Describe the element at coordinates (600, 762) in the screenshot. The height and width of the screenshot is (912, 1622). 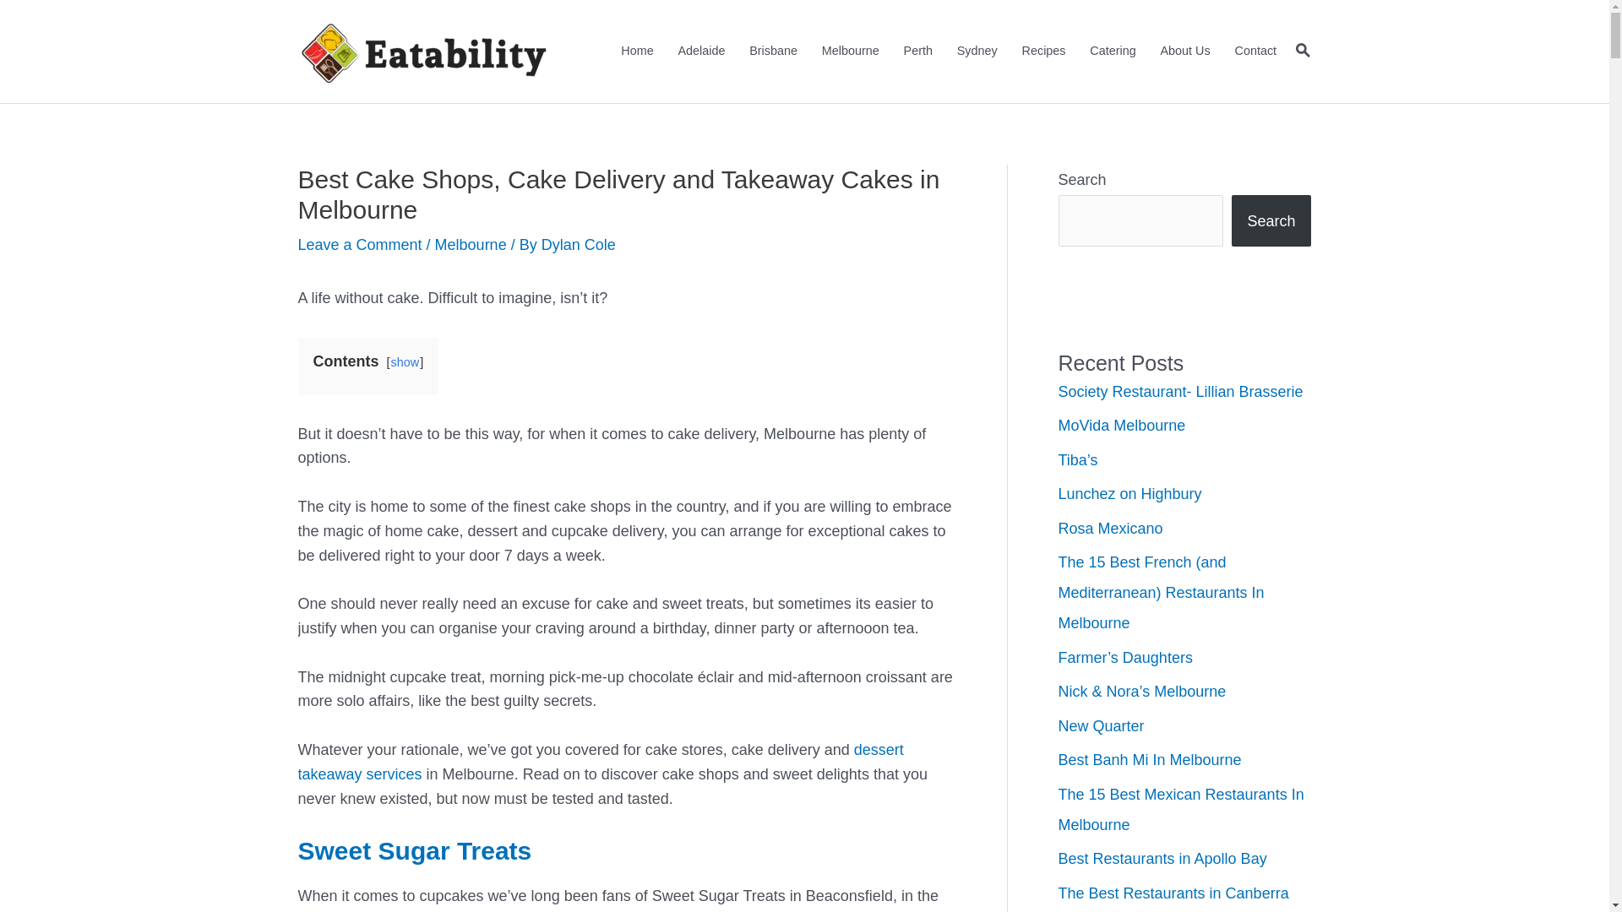
I see `'dessert takeaway services'` at that location.